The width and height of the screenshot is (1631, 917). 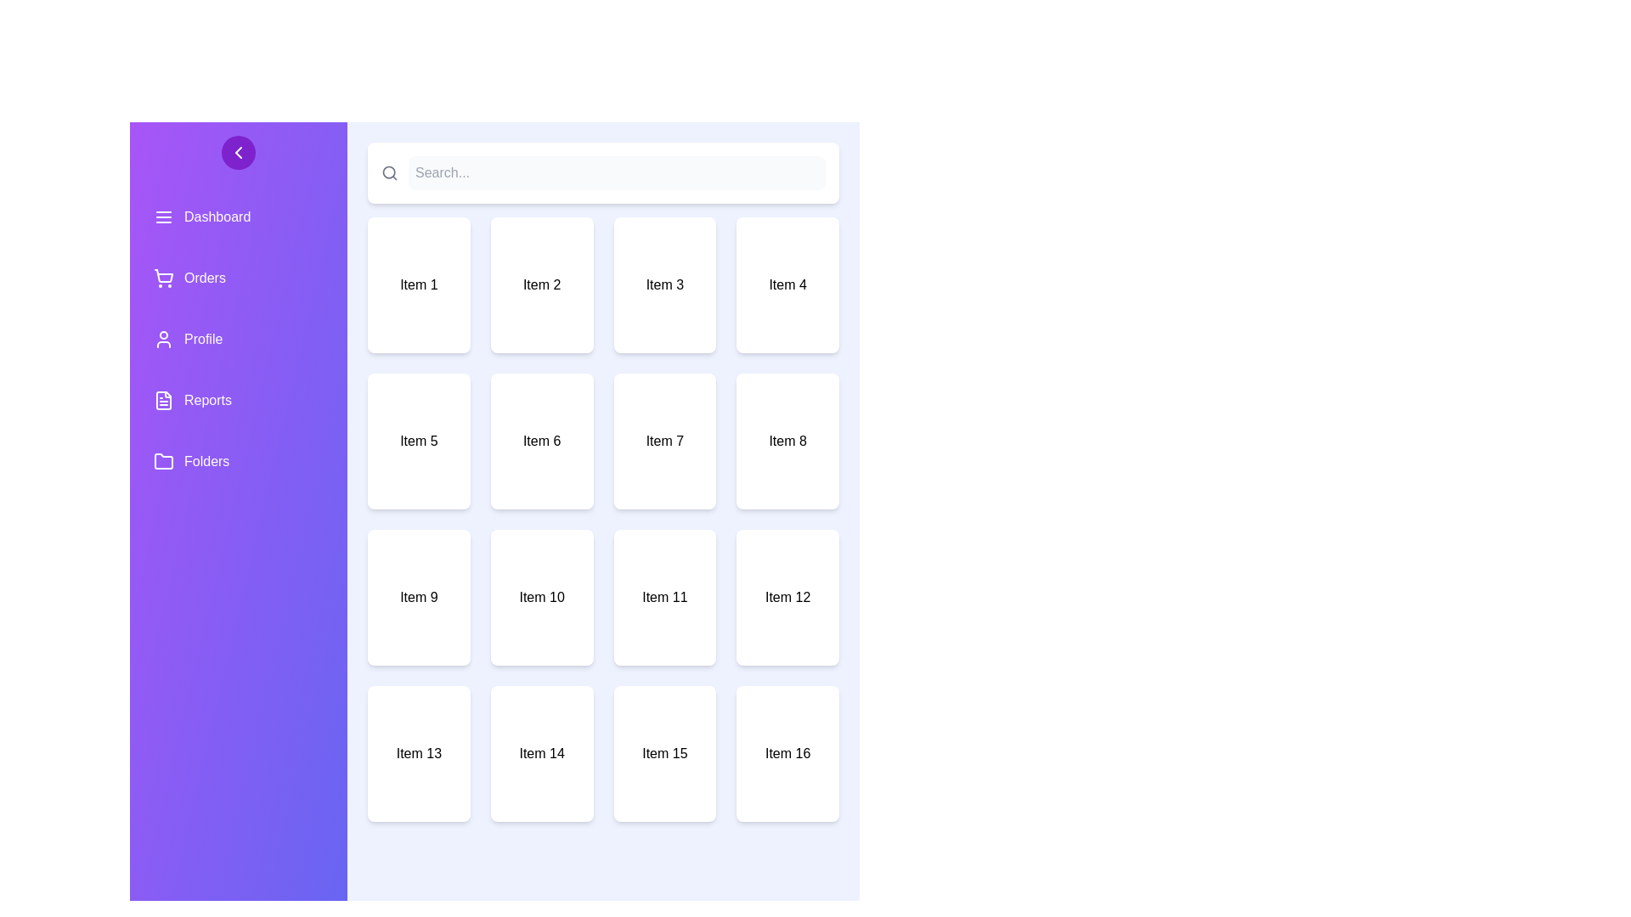 I want to click on the sidebar menu item labeled Folders to navigate to its section, so click(x=238, y=461).